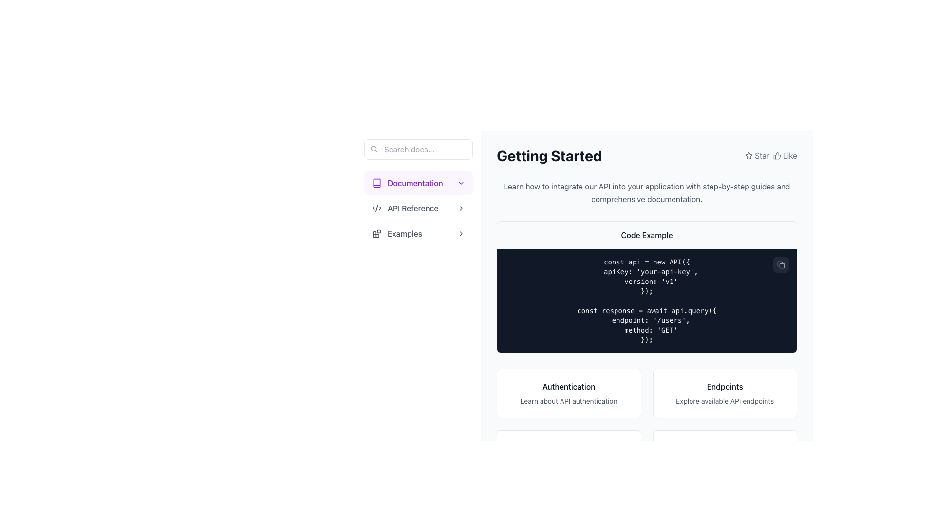 This screenshot has height=526, width=935. What do you see at coordinates (415, 183) in the screenshot?
I see `text content of the 'Documentation' label located in the sidebar navigation menu, which is visually distinct and positioned next to a book icon` at bounding box center [415, 183].